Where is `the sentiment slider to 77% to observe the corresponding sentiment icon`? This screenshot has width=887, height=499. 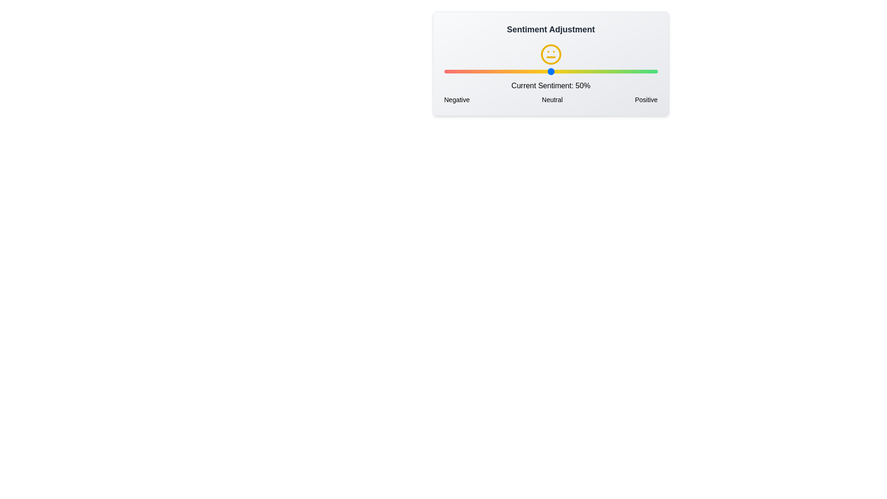
the sentiment slider to 77% to observe the corresponding sentiment icon is located at coordinates (608, 71).